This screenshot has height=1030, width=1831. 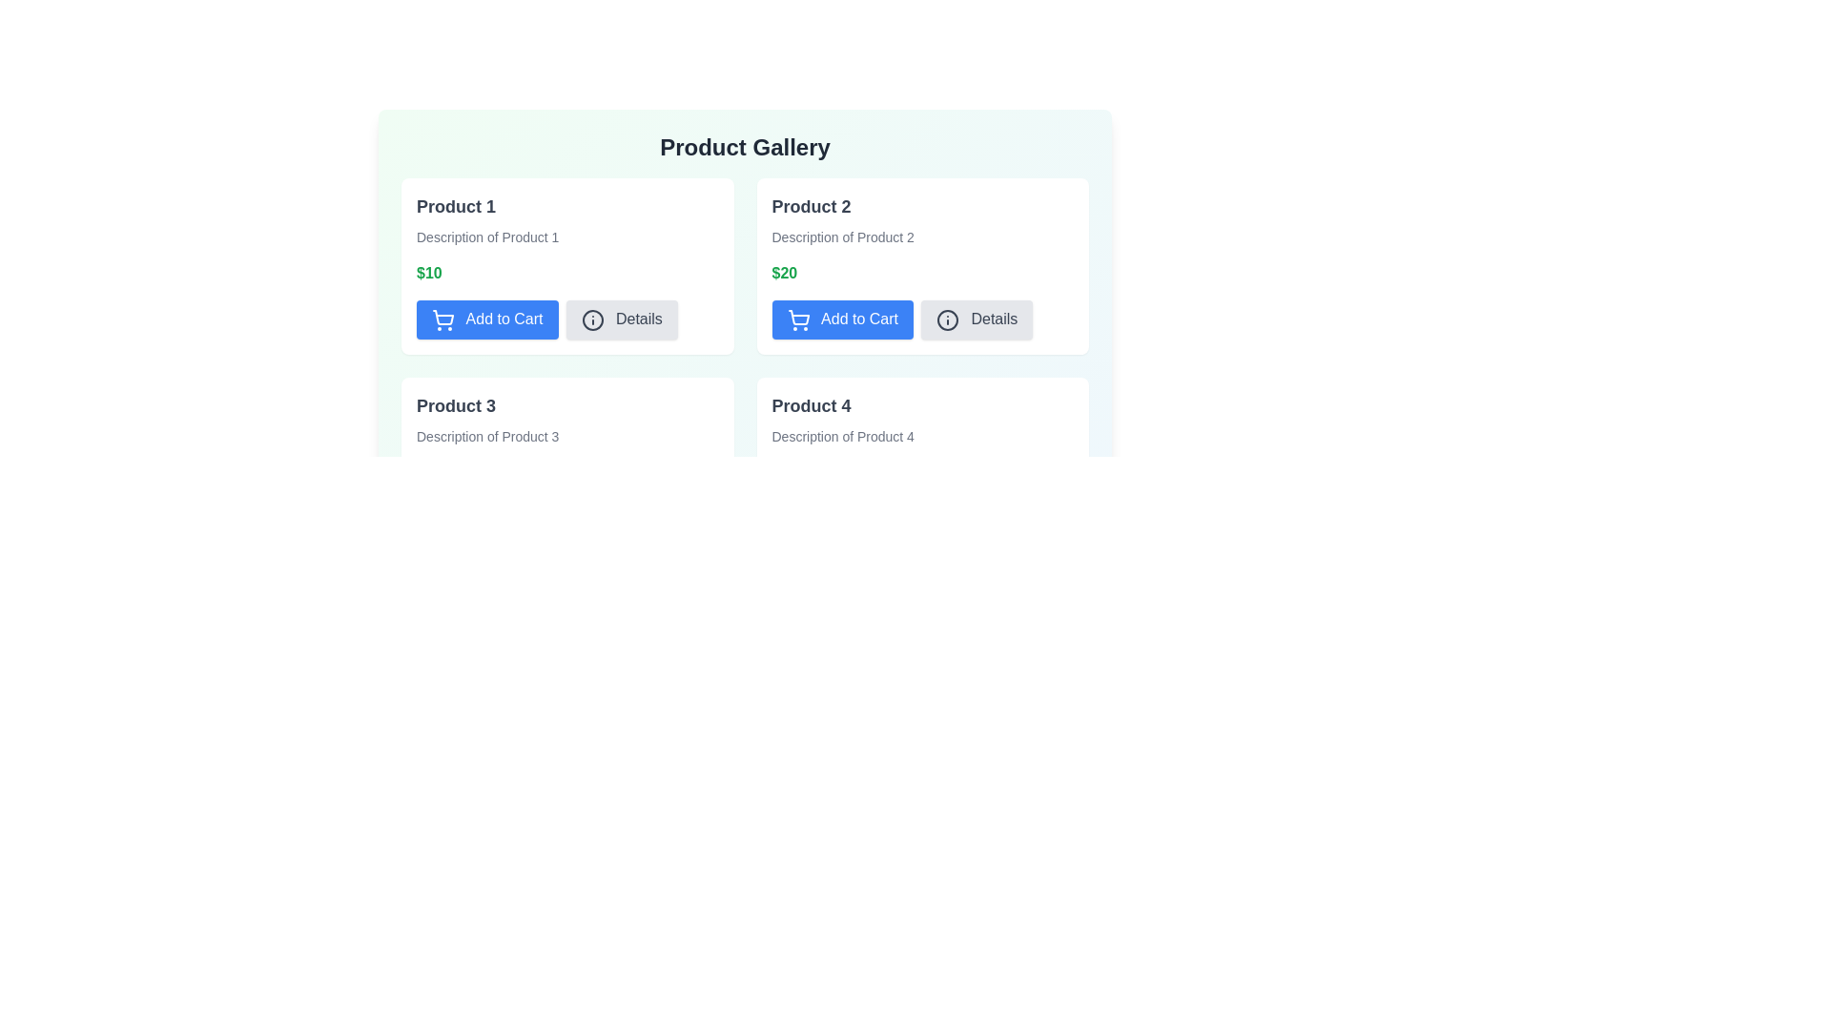 I want to click on the 'Details' button icon located in the Product 2 panel, which is positioned to the right of the 'Add to Cart' button, so click(x=947, y=319).